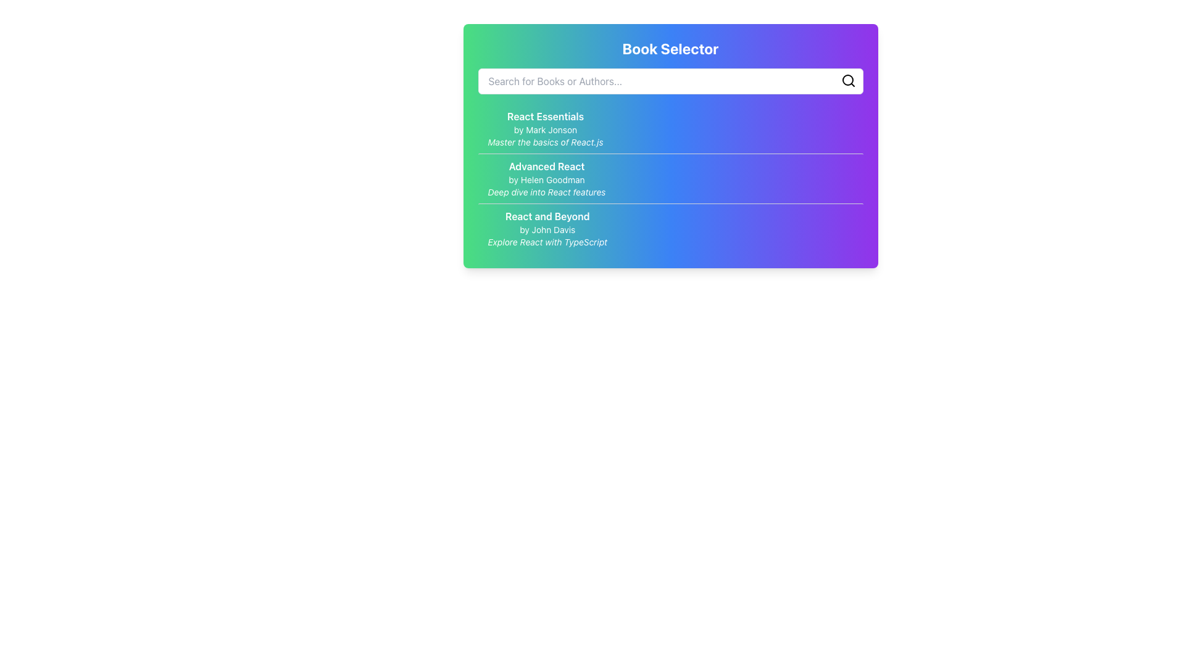 This screenshot has height=666, width=1185. What do you see at coordinates (670, 178) in the screenshot?
I see `one of the courses listed in the central List Component of the 'Book Selector' card, which displays titles, authors, and descriptions` at bounding box center [670, 178].